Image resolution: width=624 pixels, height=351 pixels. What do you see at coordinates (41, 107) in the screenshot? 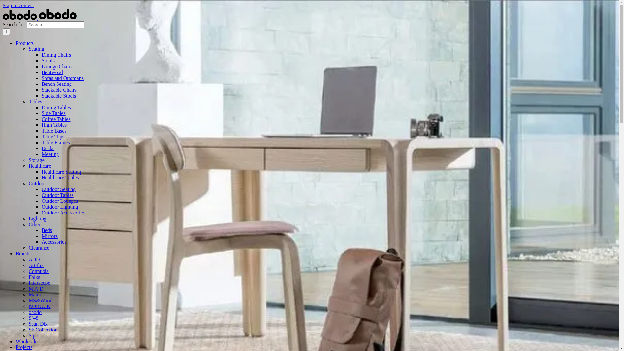
I see `'Dining Tables'` at bounding box center [41, 107].